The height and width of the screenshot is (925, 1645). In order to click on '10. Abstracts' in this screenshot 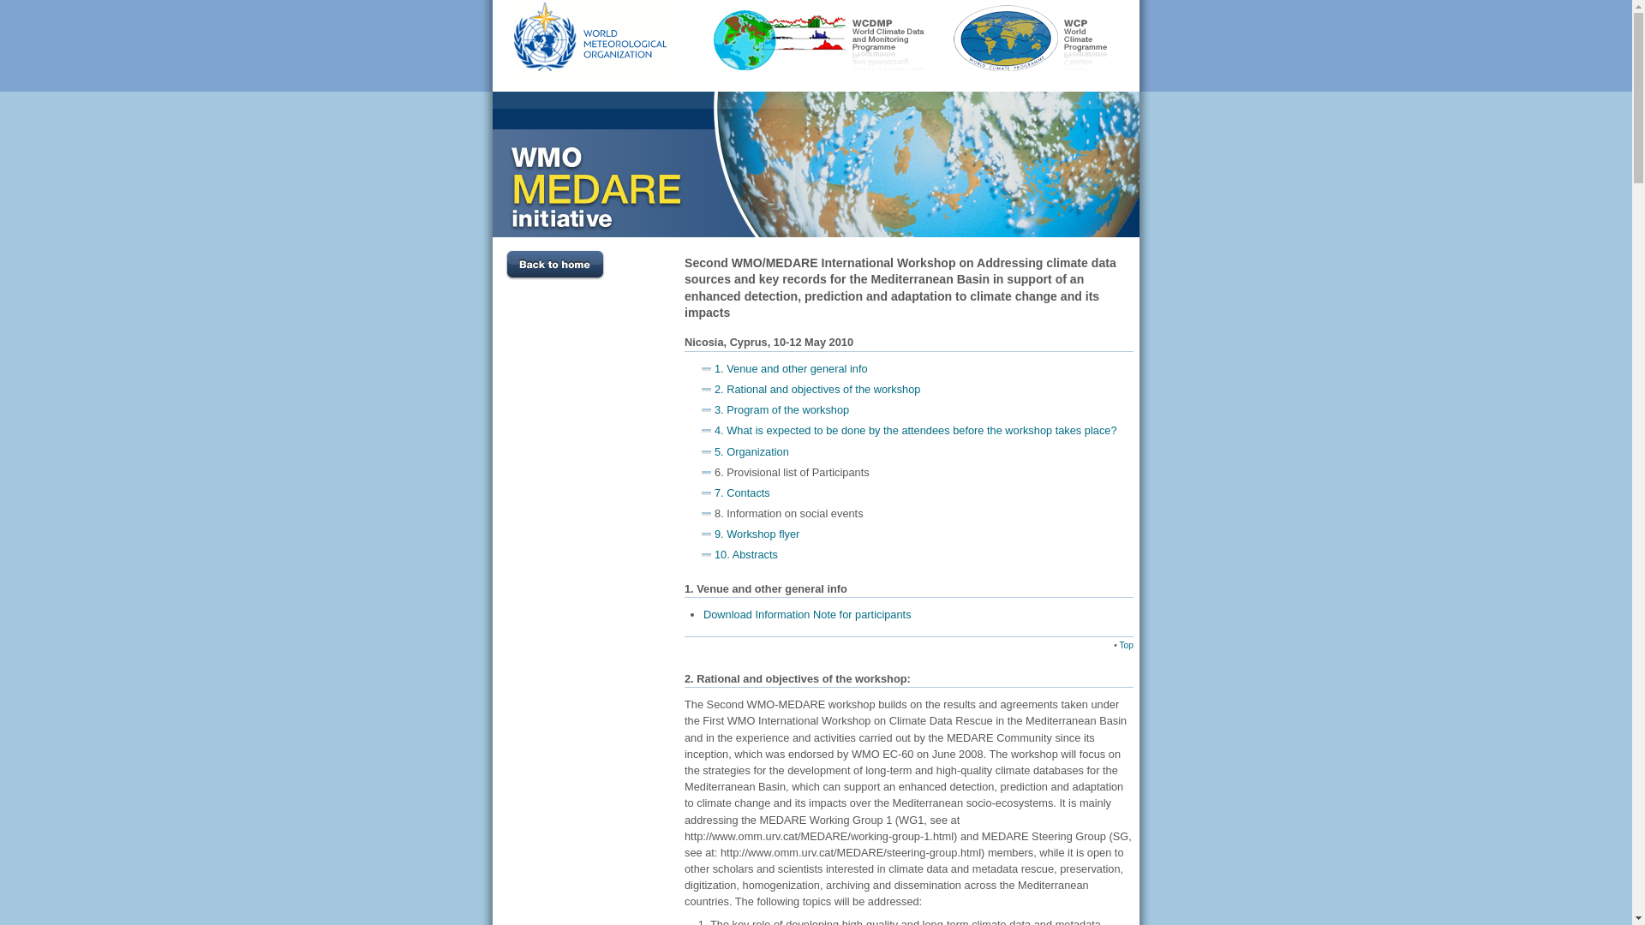, I will do `click(745, 554)`.